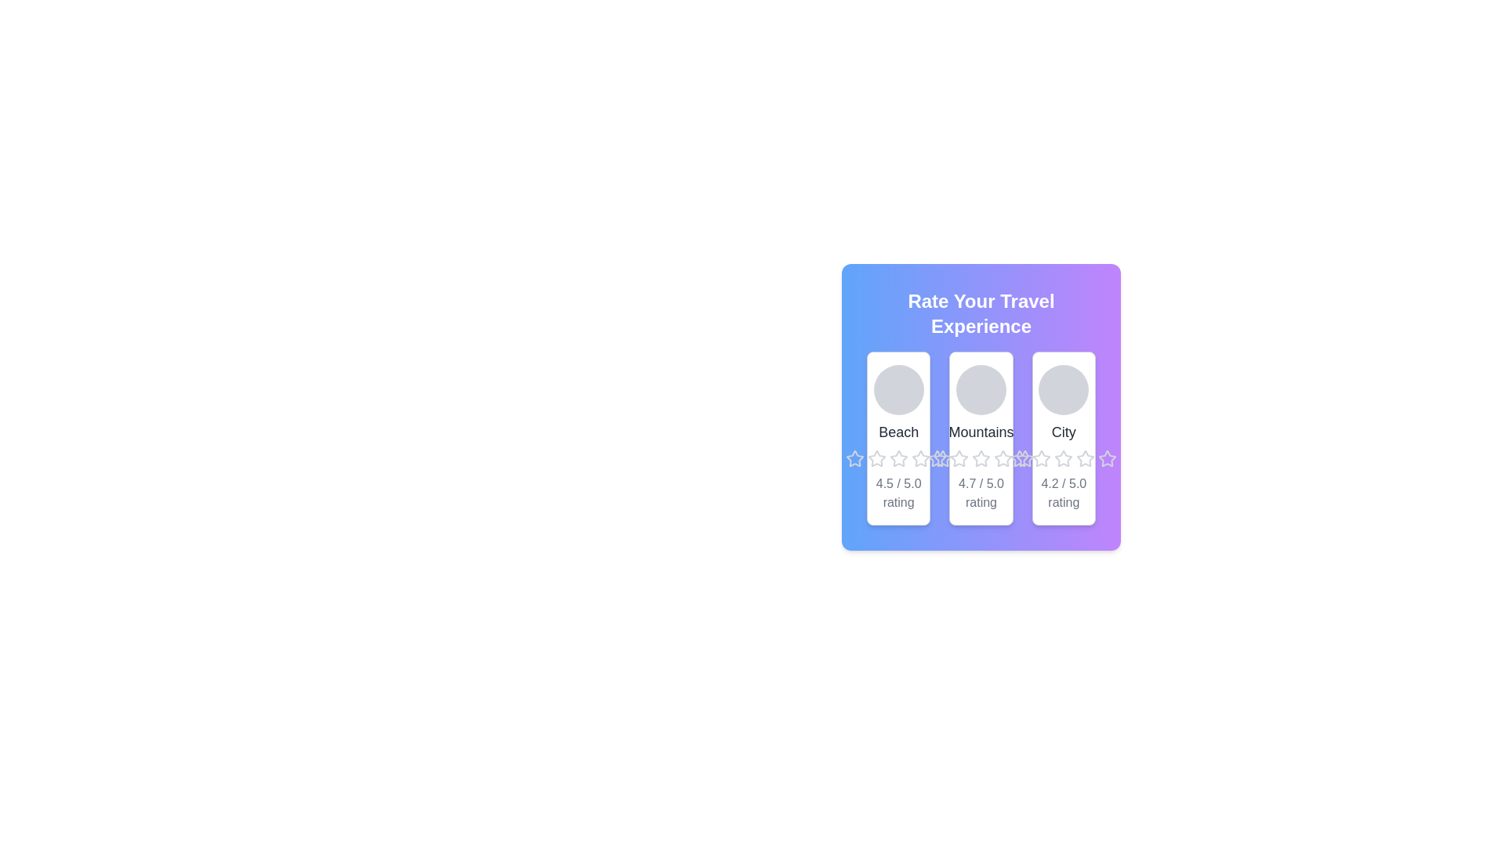 The height and width of the screenshot is (846, 1505). What do you see at coordinates (1107, 458) in the screenshot?
I see `the 5th star icon` at bounding box center [1107, 458].